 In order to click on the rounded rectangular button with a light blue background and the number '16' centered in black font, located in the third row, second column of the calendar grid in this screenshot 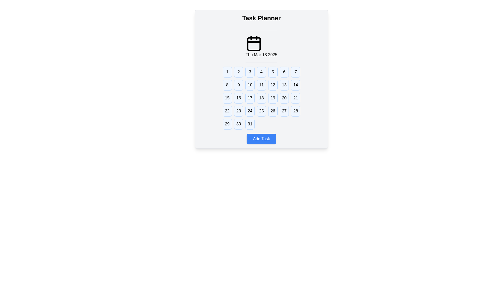, I will do `click(238, 98)`.